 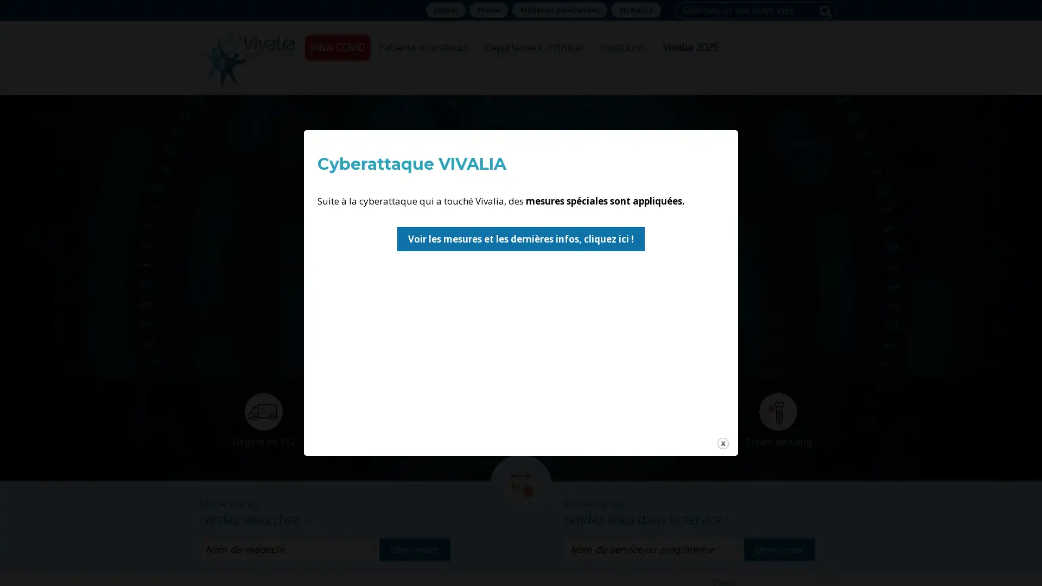 What do you see at coordinates (828, 10) in the screenshot?
I see `Rechercher` at bounding box center [828, 10].